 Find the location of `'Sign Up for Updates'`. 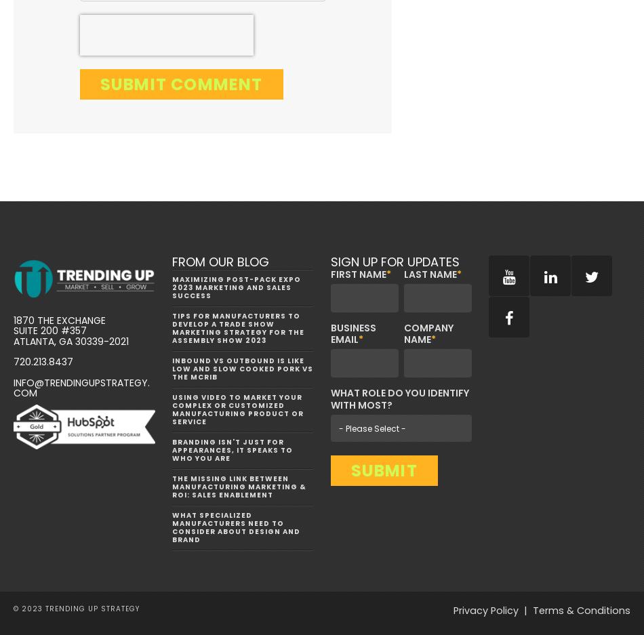

'Sign Up for Updates' is located at coordinates (394, 260).